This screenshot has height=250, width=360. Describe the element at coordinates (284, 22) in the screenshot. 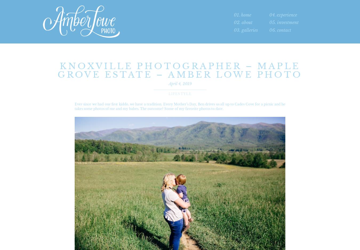

I see `'05. investment'` at that location.